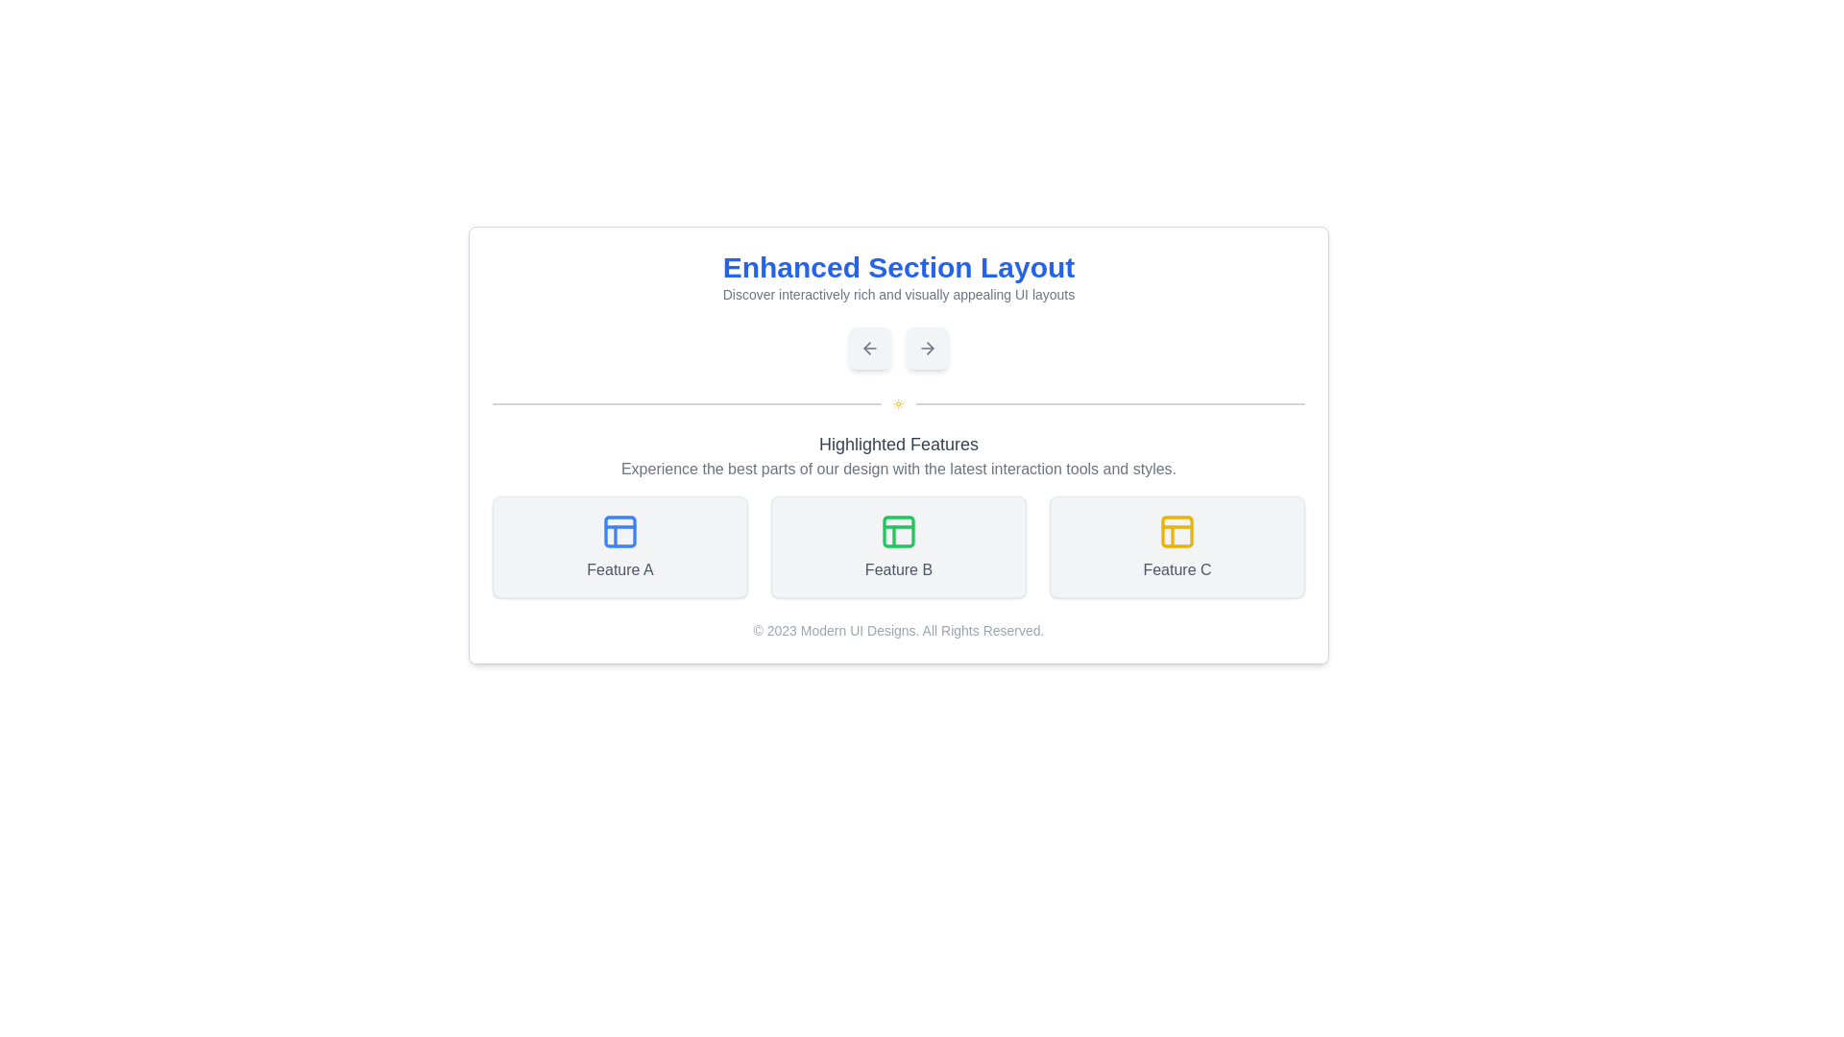 The height and width of the screenshot is (1037, 1844). Describe the element at coordinates (866, 348) in the screenshot. I see `the leftward arrow graphic navigation control, which is visually distinct with a triangular shape pointing left, located below the heading 'Enhanced Section Layout' and next to the rightward arrow graphic` at that location.